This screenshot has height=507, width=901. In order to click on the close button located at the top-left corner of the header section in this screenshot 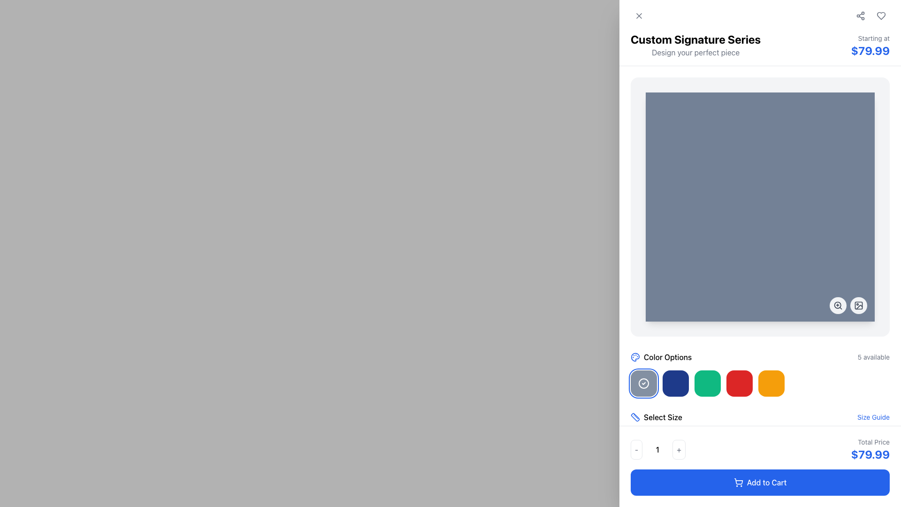, I will do `click(639, 16)`.